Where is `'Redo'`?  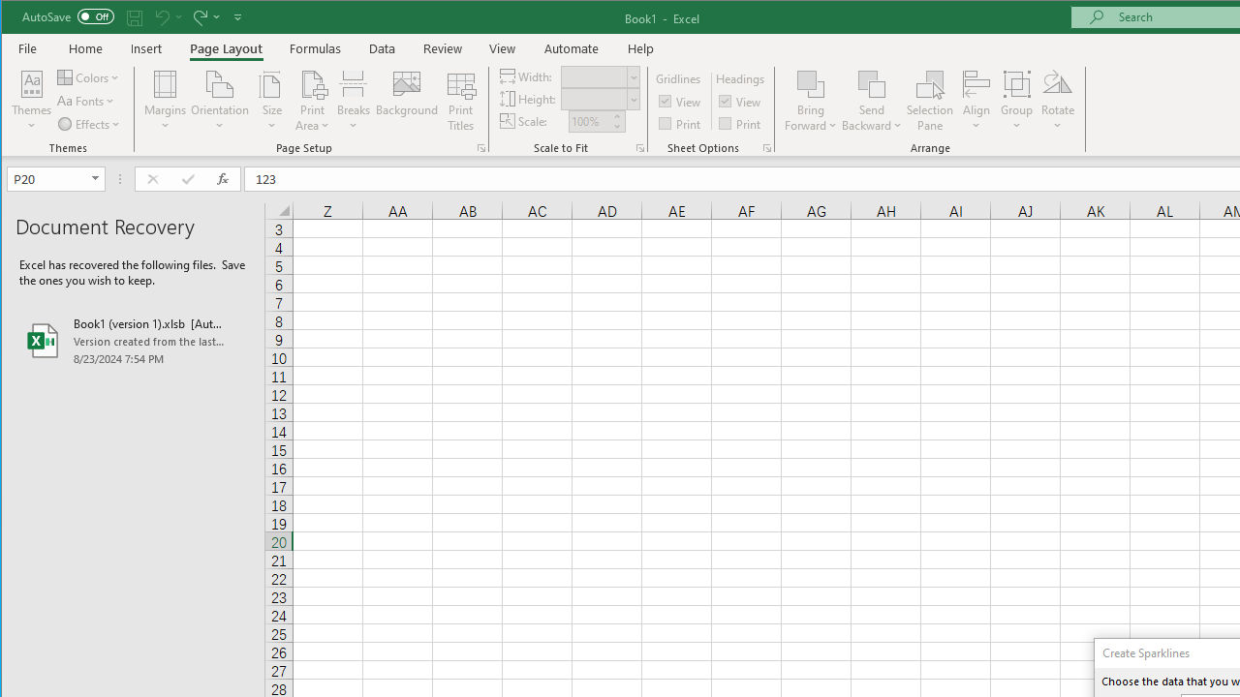
'Redo' is located at coordinates (204, 16).